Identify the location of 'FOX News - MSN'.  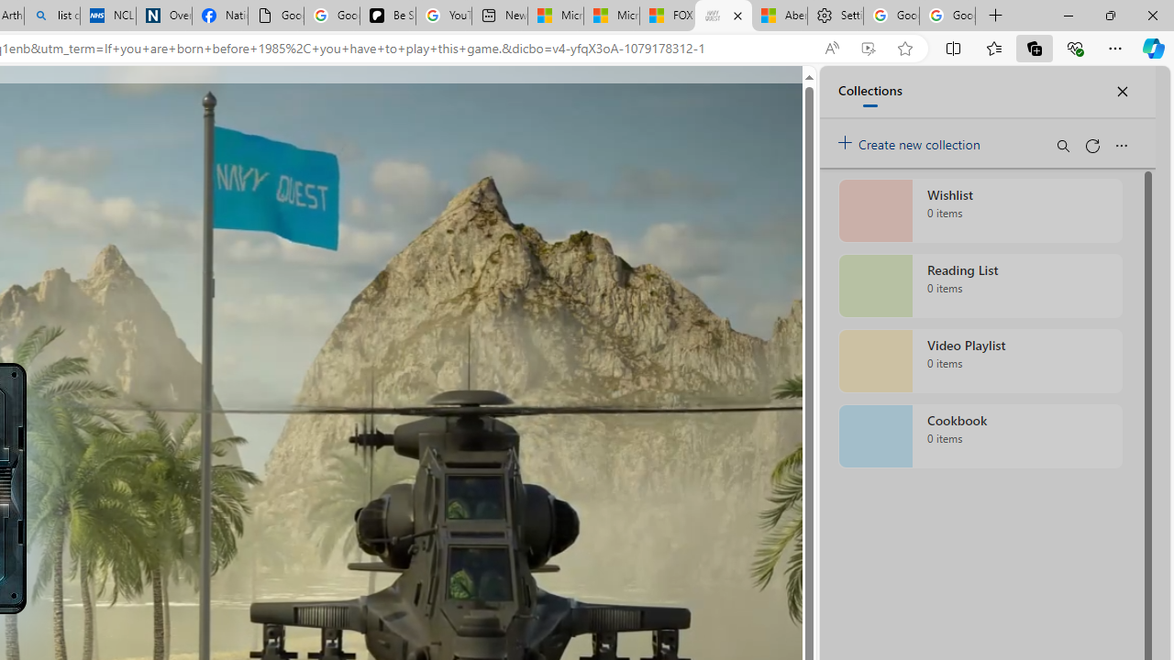
(666, 16).